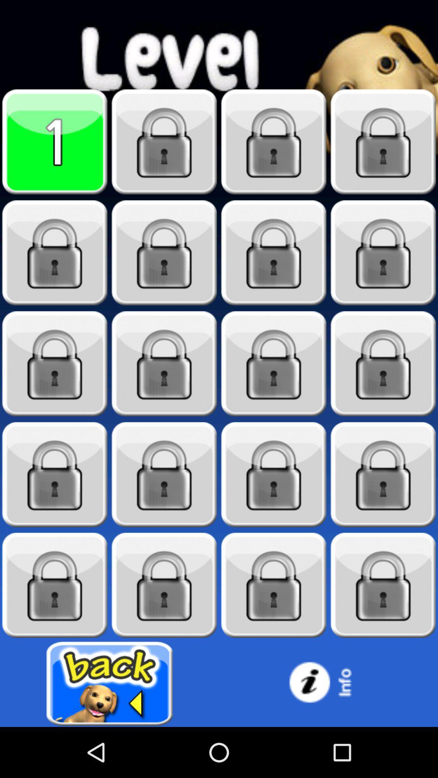 Image resolution: width=438 pixels, height=778 pixels. I want to click on unlock level, so click(383, 474).